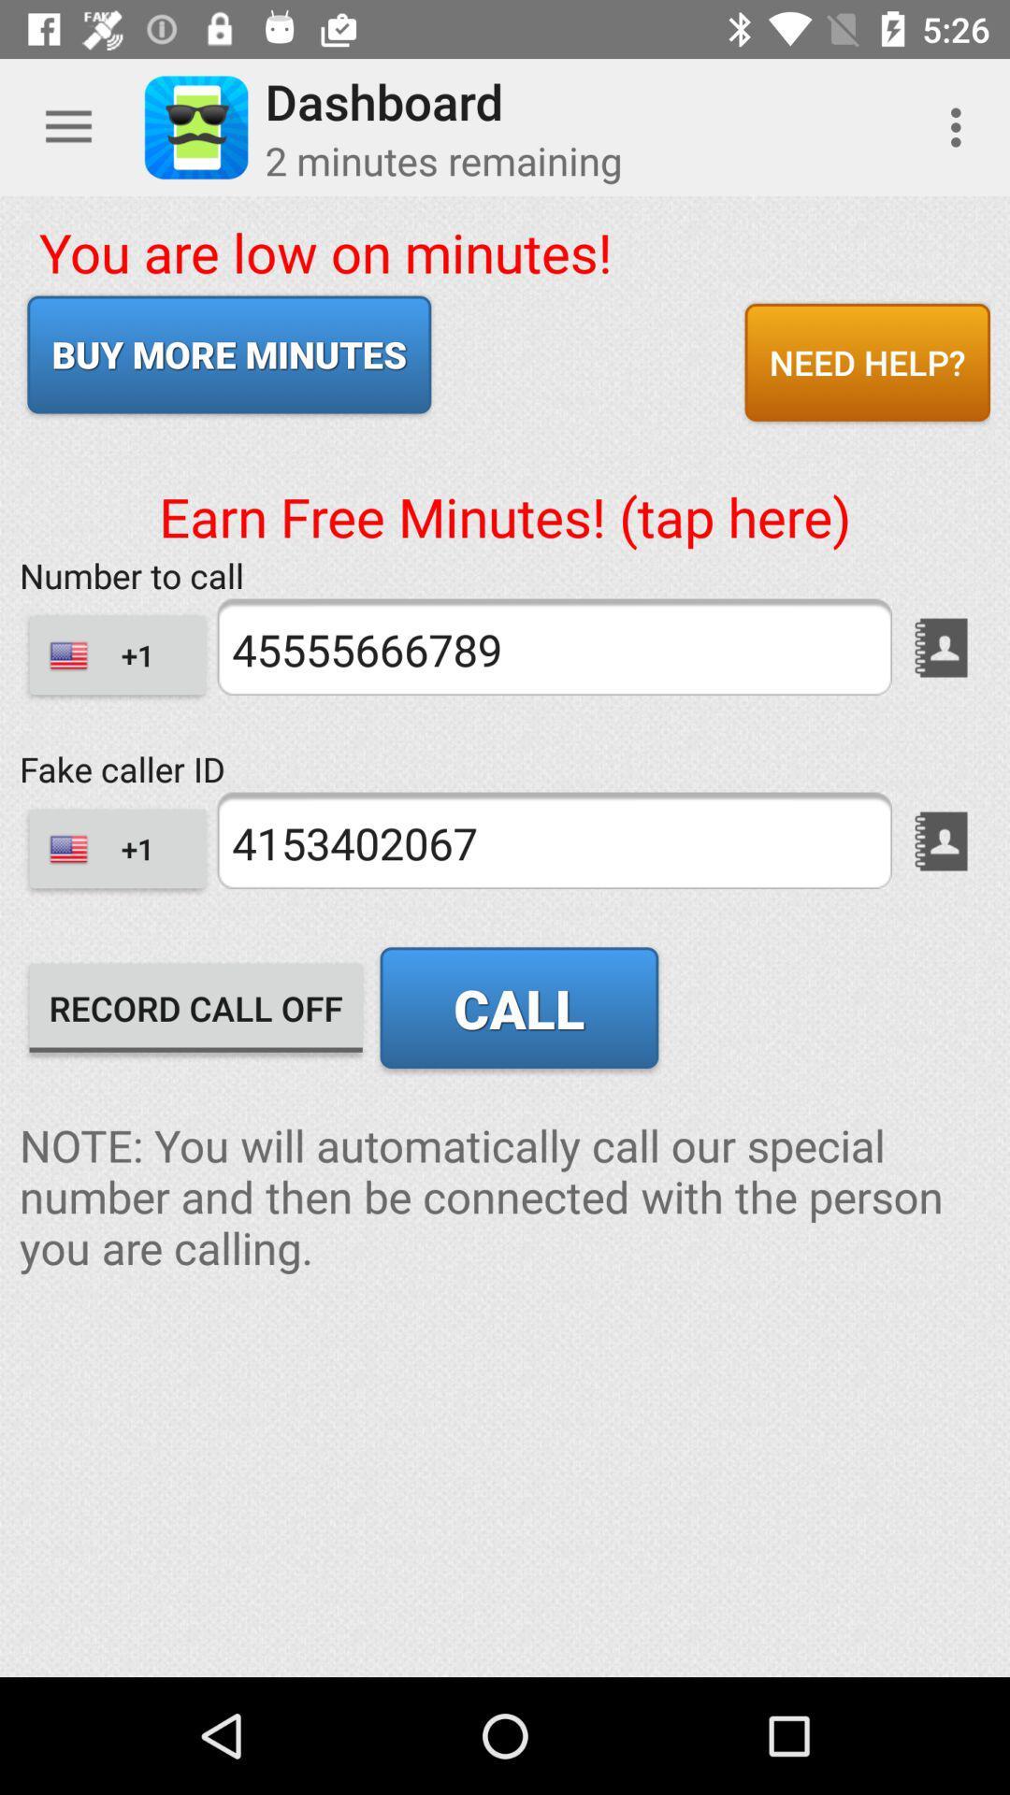 Image resolution: width=1010 pixels, height=1795 pixels. What do you see at coordinates (505, 486) in the screenshot?
I see `the item above number to call icon` at bounding box center [505, 486].